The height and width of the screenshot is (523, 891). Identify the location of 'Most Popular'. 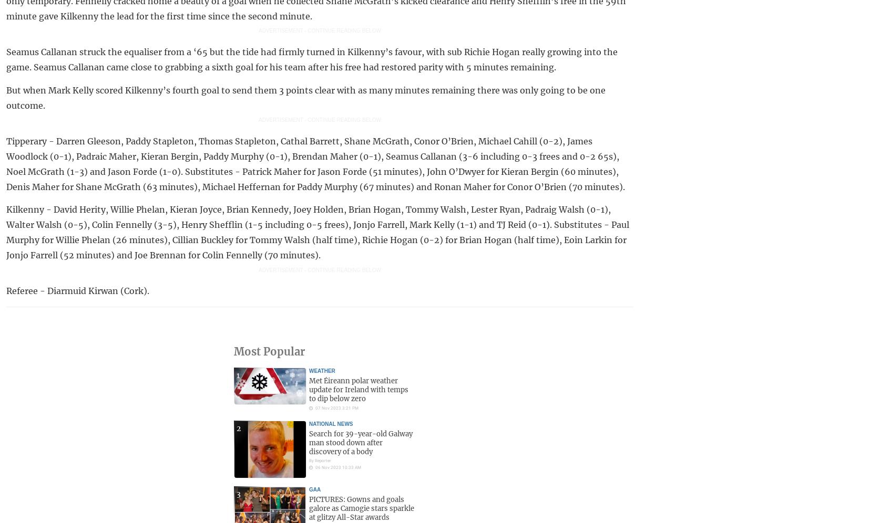
(233, 351).